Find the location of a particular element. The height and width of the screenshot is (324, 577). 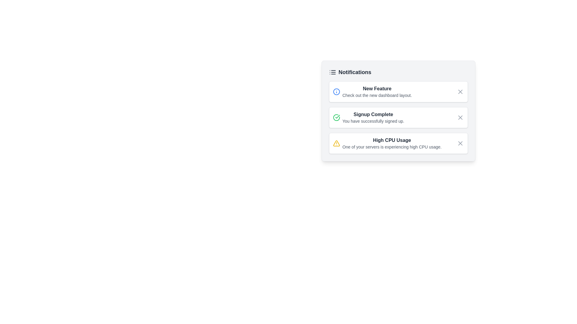

the Notification Block that informs users about the newly added dashboard layout update for accessibility navigation is located at coordinates (372, 91).